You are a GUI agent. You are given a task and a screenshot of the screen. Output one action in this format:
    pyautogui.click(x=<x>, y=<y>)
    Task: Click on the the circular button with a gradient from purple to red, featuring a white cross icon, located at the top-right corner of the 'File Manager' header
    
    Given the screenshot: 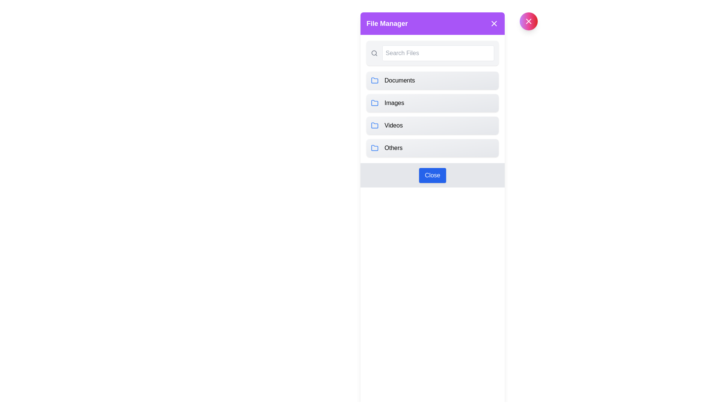 What is the action you would take?
    pyautogui.click(x=528, y=21)
    